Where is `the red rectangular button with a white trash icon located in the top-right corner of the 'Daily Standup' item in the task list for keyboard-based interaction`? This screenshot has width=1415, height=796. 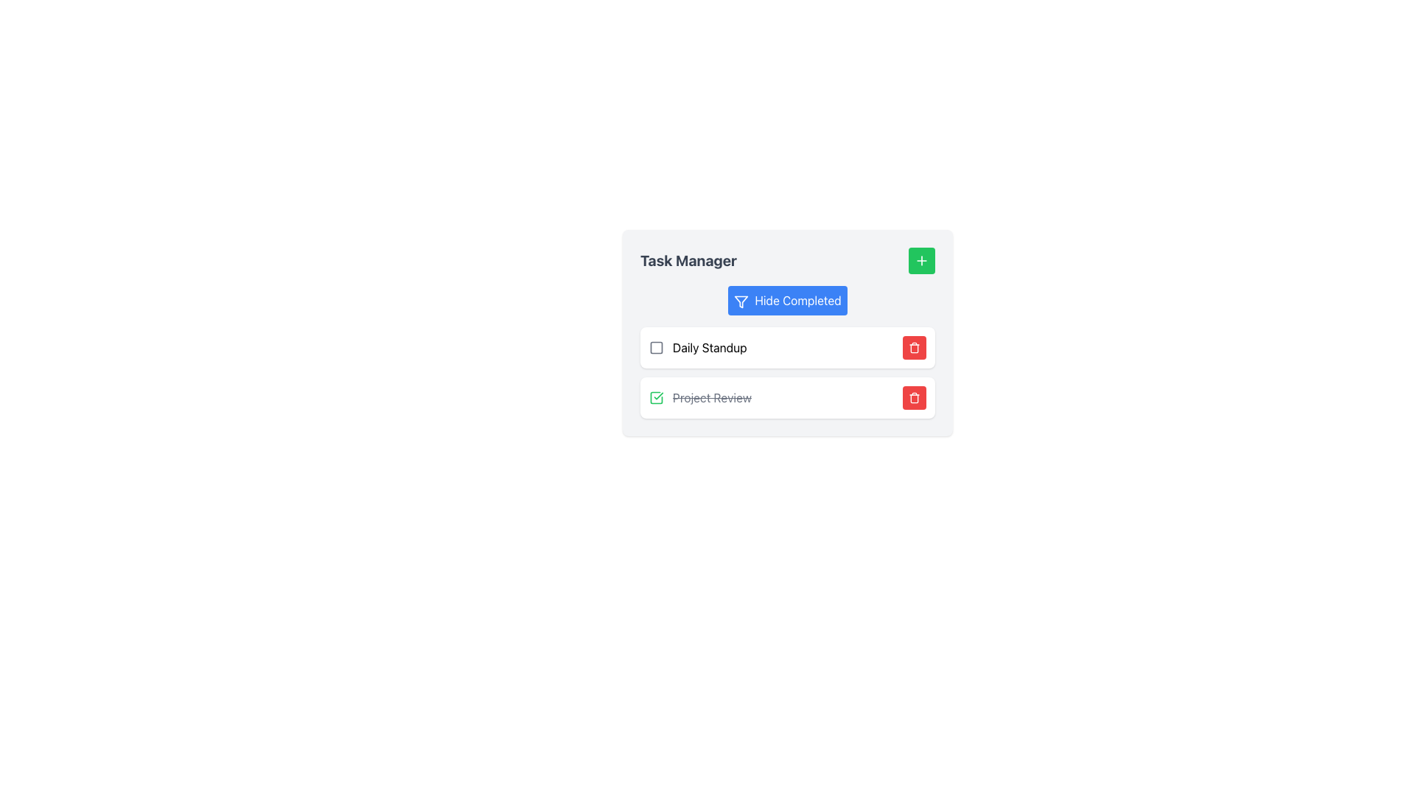
the red rectangular button with a white trash icon located in the top-right corner of the 'Daily Standup' item in the task list for keyboard-based interaction is located at coordinates (914, 347).